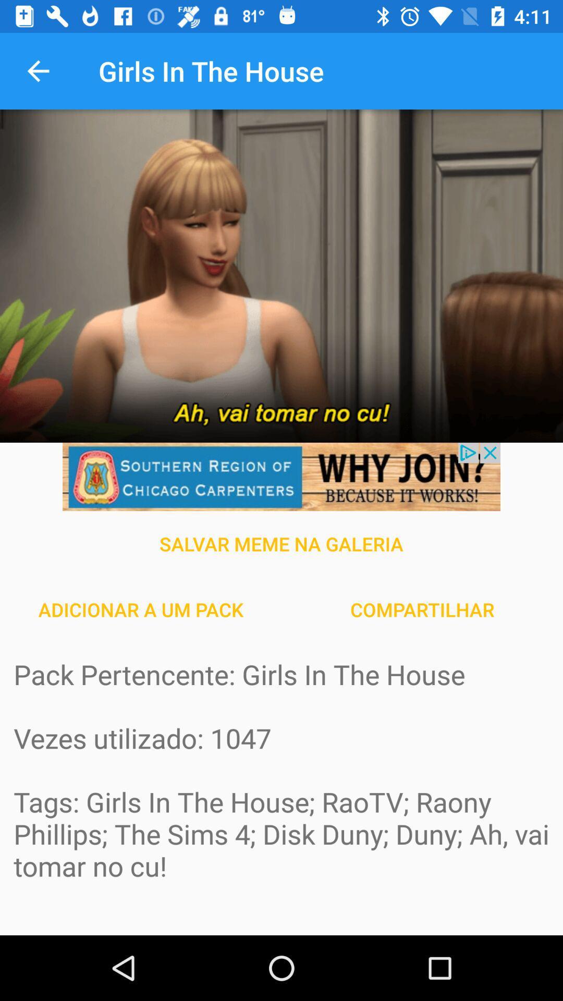 This screenshot has width=563, height=1001. What do you see at coordinates (281, 476) in the screenshot?
I see `details about advertisement` at bounding box center [281, 476].